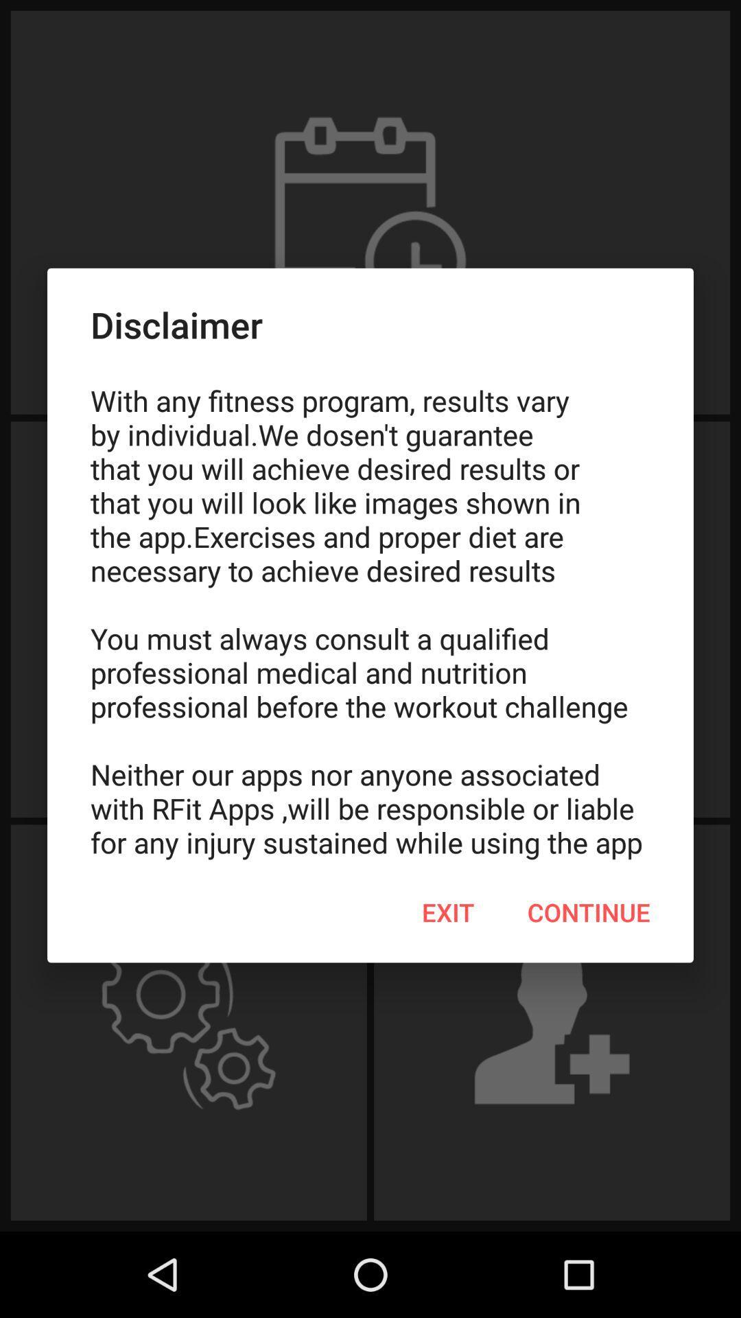 This screenshot has height=1318, width=741. I want to click on item next to exit icon, so click(588, 912).